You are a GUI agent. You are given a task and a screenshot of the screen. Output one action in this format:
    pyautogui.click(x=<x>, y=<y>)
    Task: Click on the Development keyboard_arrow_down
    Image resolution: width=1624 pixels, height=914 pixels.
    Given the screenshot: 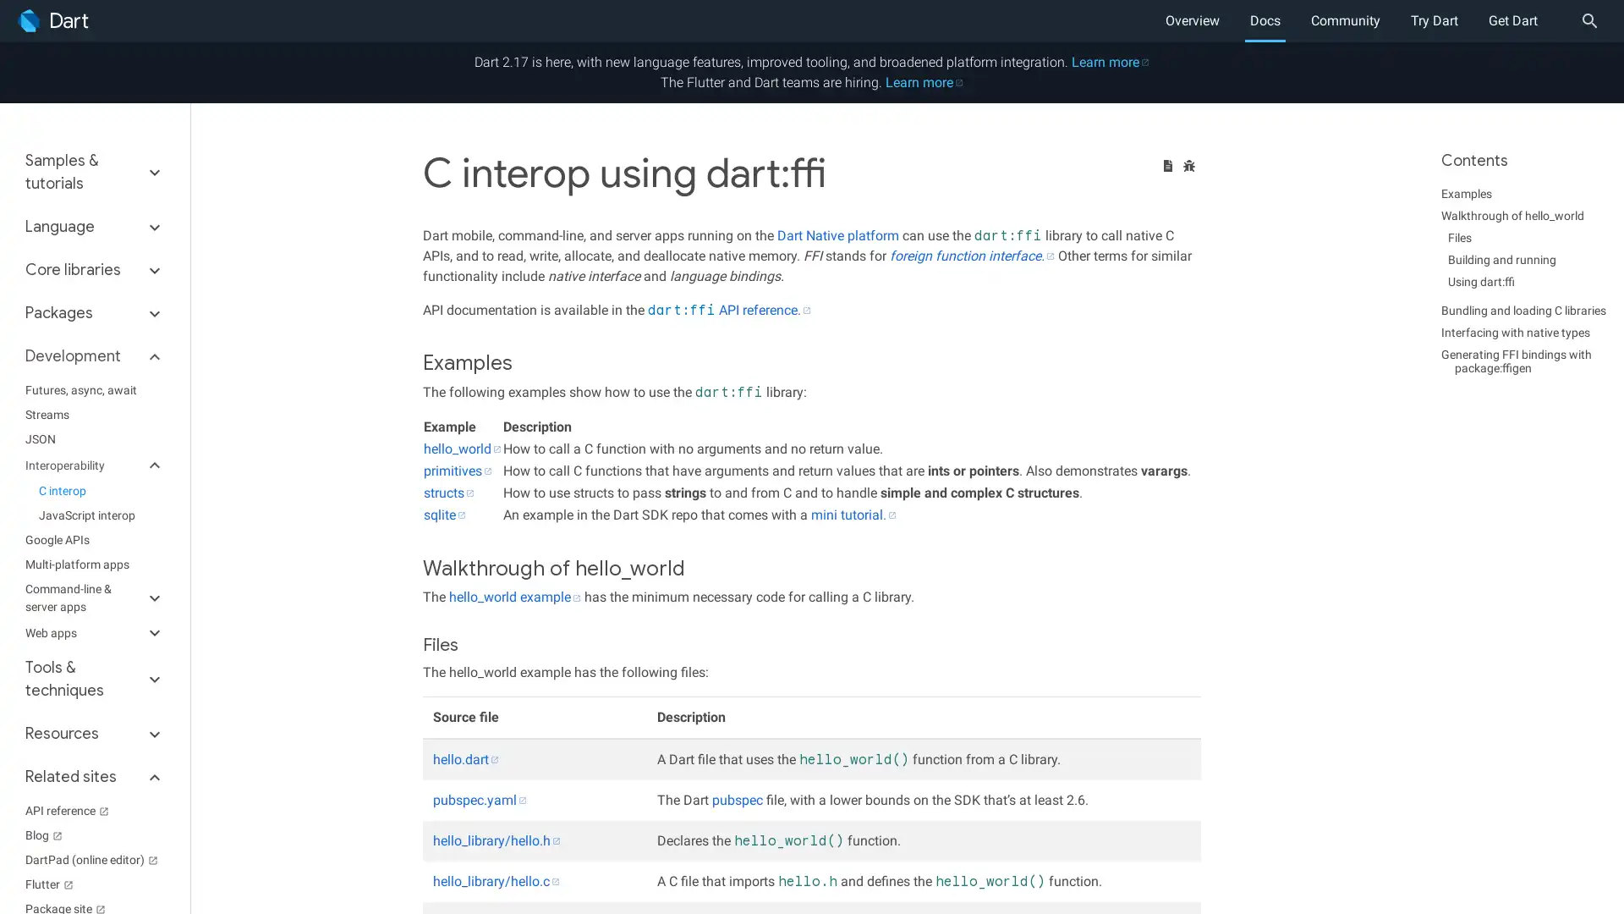 What is the action you would take?
    pyautogui.click(x=94, y=355)
    